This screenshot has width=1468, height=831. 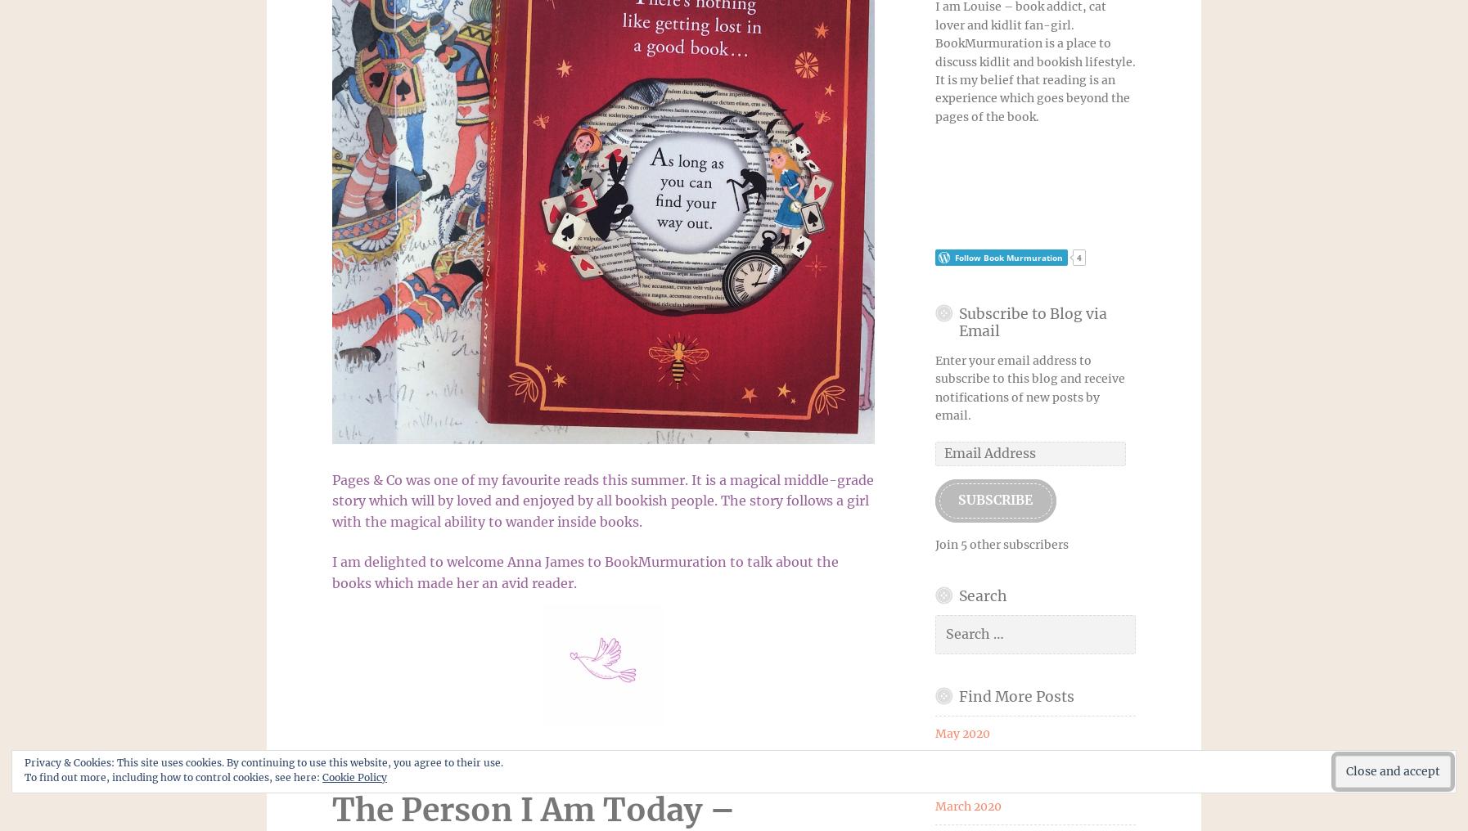 I want to click on 'Join 5 other subscribers', so click(x=1000, y=542).